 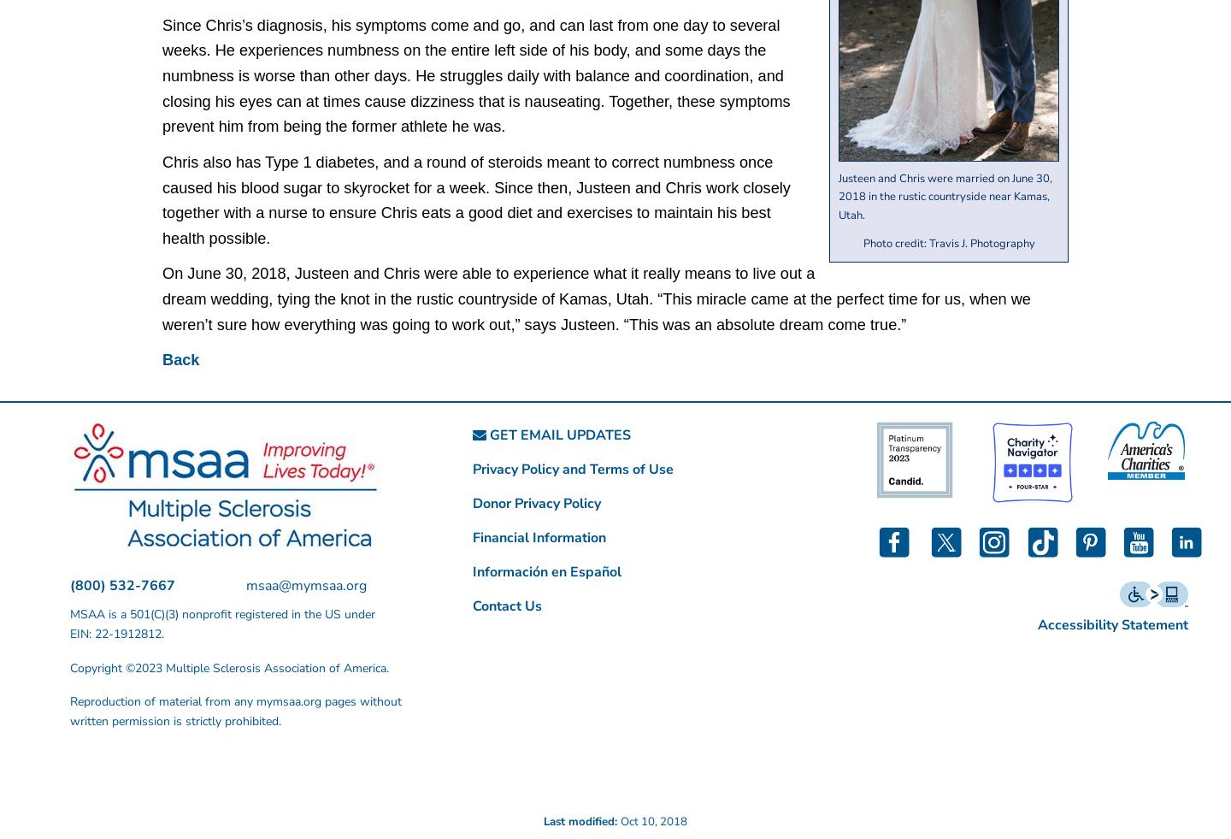 What do you see at coordinates (596, 298) in the screenshot?
I see `'On June 30, 2018, Justeen and Chris were able to experience what it really means to live out a dream wedding, tying the knot in the rustic countryside of Kamas, Utah. “This miracle came at the perfect time for us, when we weren’t sure how everything was going to work out,” says Justeen. “This was an absolute dream come true.”'` at bounding box center [596, 298].